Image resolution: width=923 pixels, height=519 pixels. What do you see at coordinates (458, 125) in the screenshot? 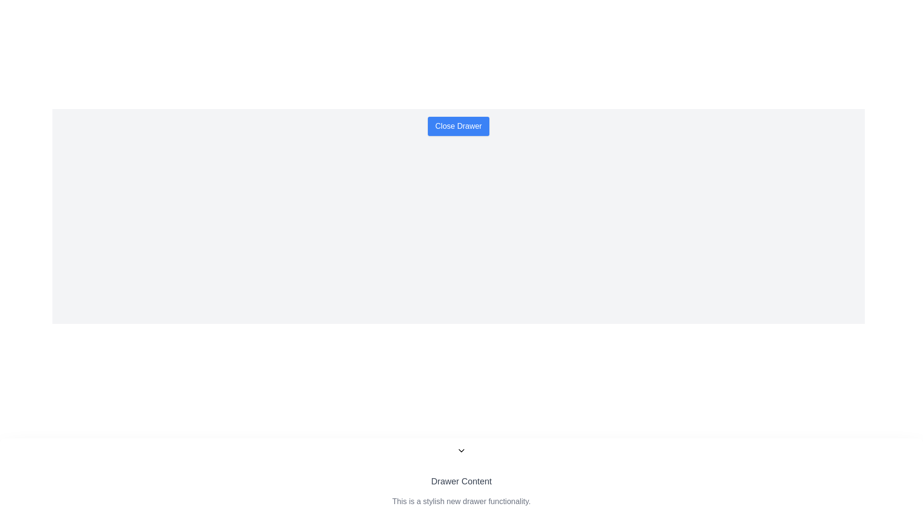
I see `the blue button with rounded corners labeled 'Close Drawer'` at bounding box center [458, 125].